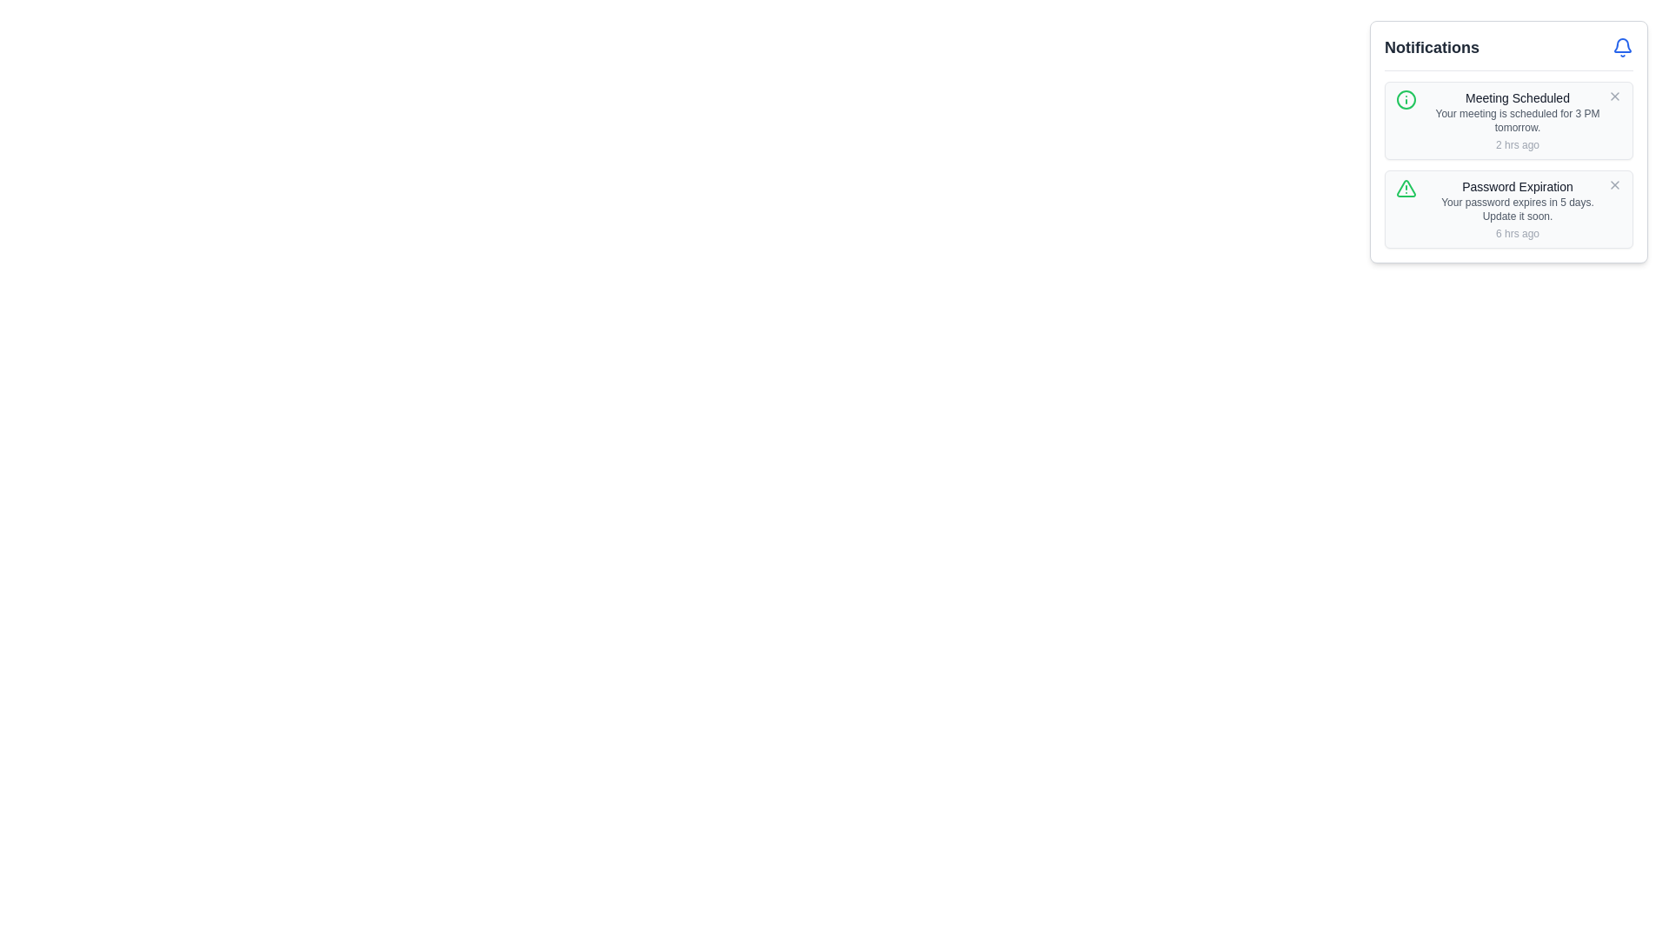 This screenshot has width=1669, height=939. What do you see at coordinates (1517, 119) in the screenshot?
I see `text label specifying the scheduled meeting time, which states 'Your meeting is scheduled for 3 PM tomorrow.'` at bounding box center [1517, 119].